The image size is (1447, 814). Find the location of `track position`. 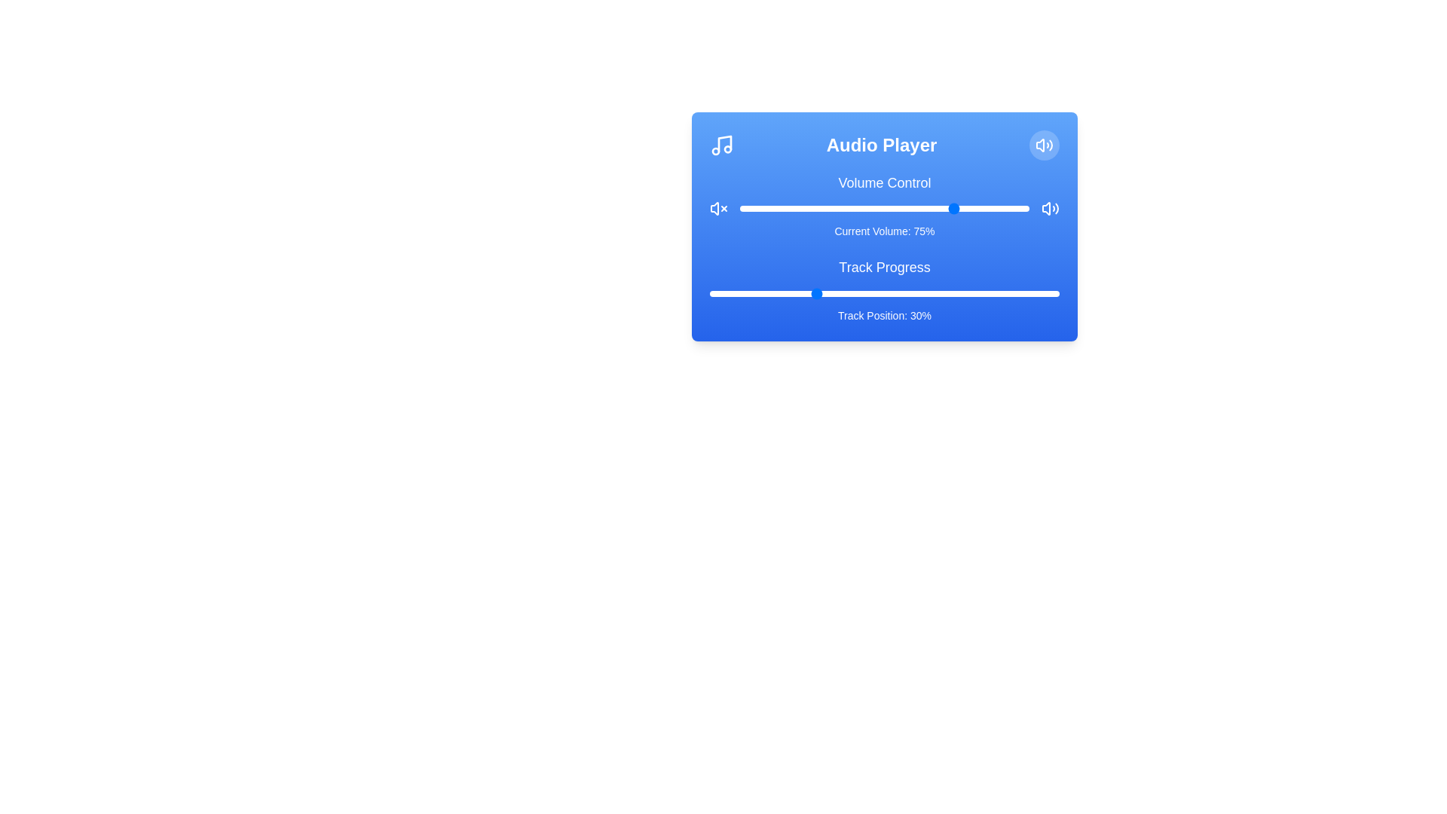

track position is located at coordinates (1003, 293).